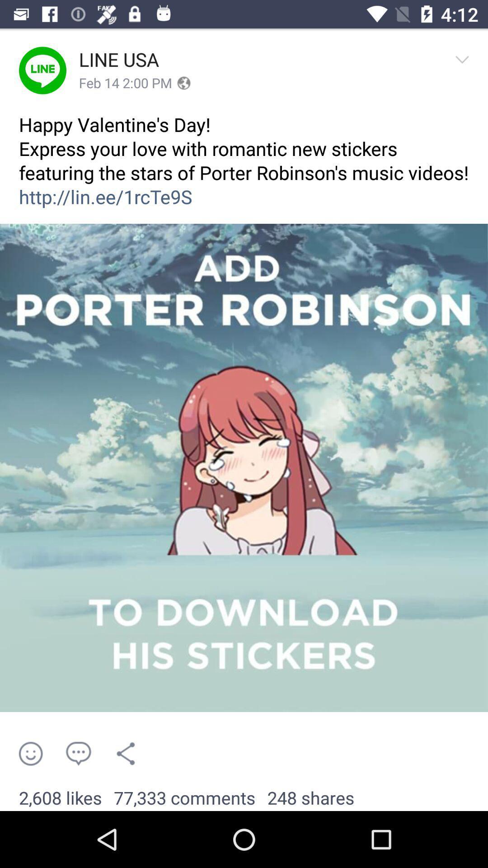 This screenshot has height=868, width=488. I want to click on icon above the happy valentine s item, so click(465, 70).